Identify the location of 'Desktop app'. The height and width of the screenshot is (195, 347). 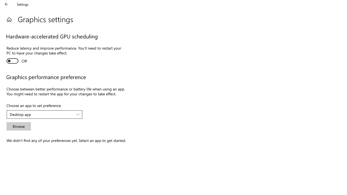
(41, 114).